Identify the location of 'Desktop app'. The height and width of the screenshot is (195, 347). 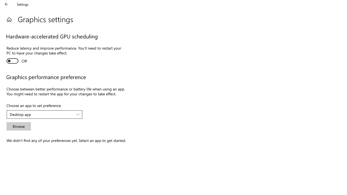
(41, 114).